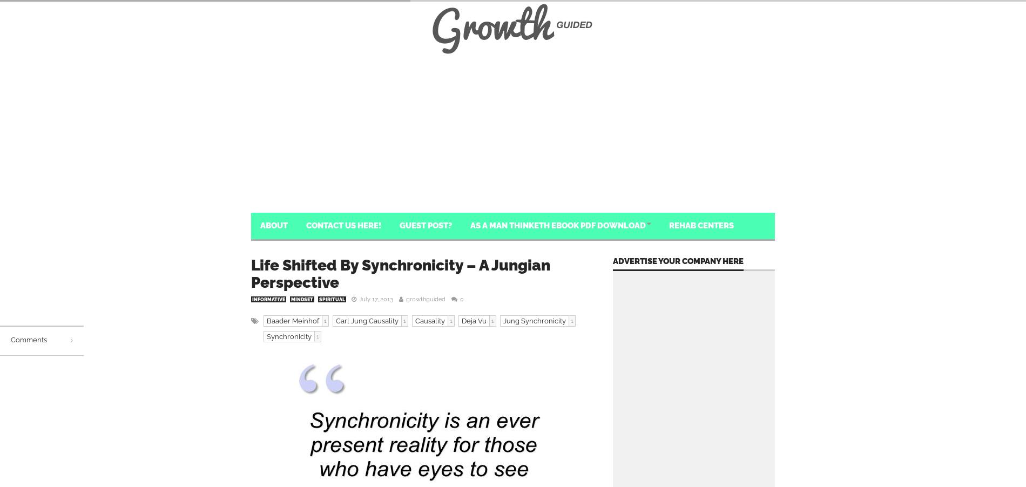  What do you see at coordinates (332, 300) in the screenshot?
I see `'Spiritual'` at bounding box center [332, 300].